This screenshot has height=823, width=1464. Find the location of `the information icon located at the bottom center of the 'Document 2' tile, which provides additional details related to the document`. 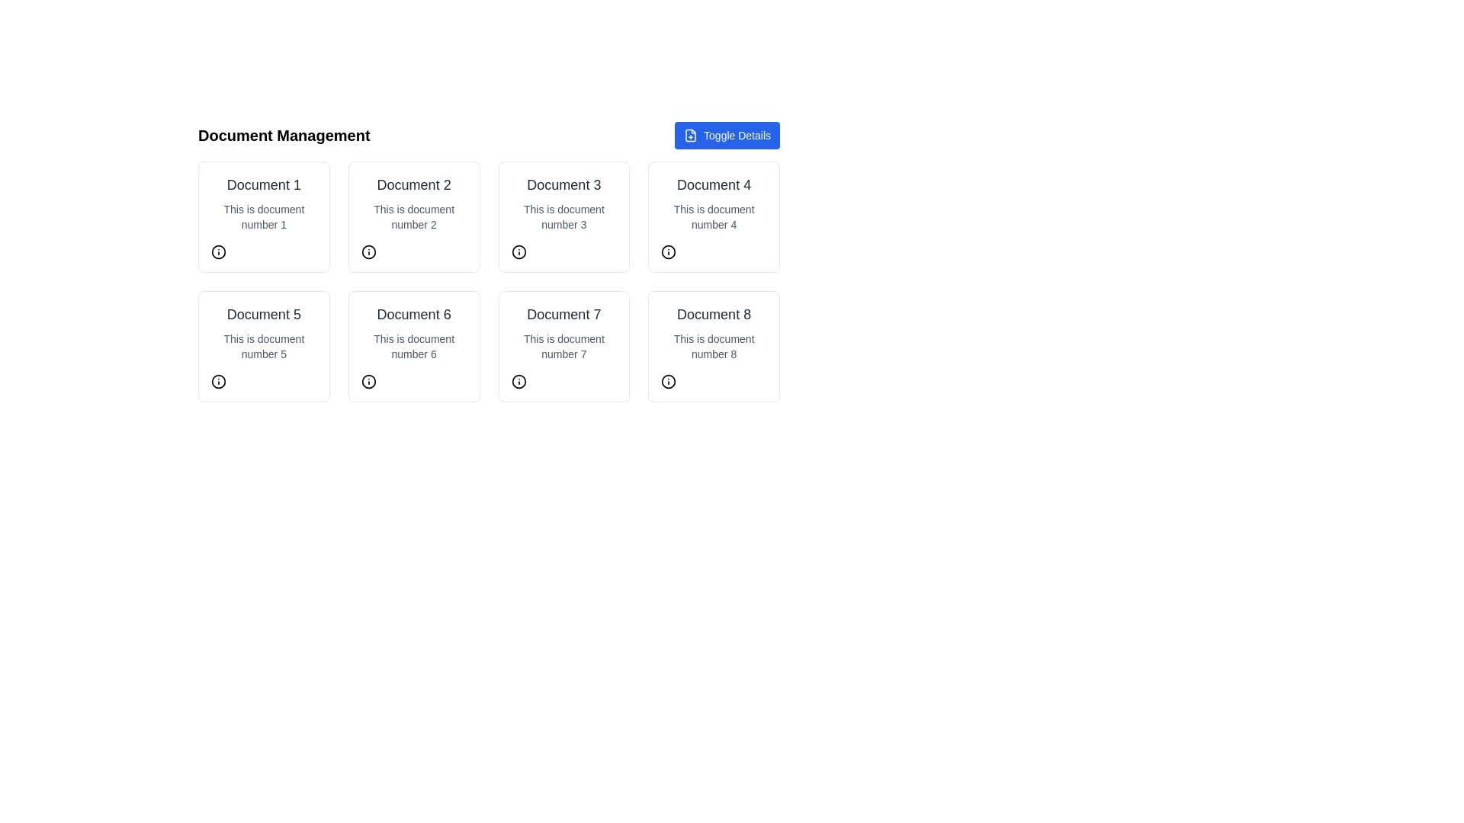

the information icon located at the bottom center of the 'Document 2' tile, which provides additional details related to the document is located at coordinates (368, 251).